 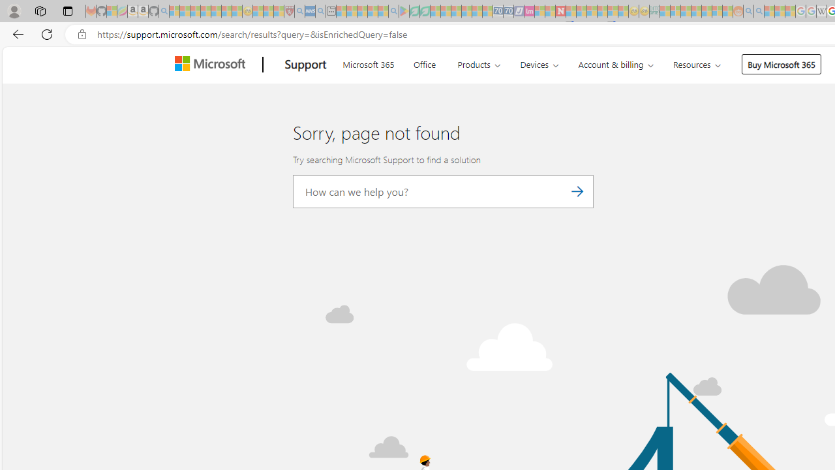 What do you see at coordinates (372, 11) in the screenshot?
I see `'Pets - MSN - Sleeping'` at bounding box center [372, 11].